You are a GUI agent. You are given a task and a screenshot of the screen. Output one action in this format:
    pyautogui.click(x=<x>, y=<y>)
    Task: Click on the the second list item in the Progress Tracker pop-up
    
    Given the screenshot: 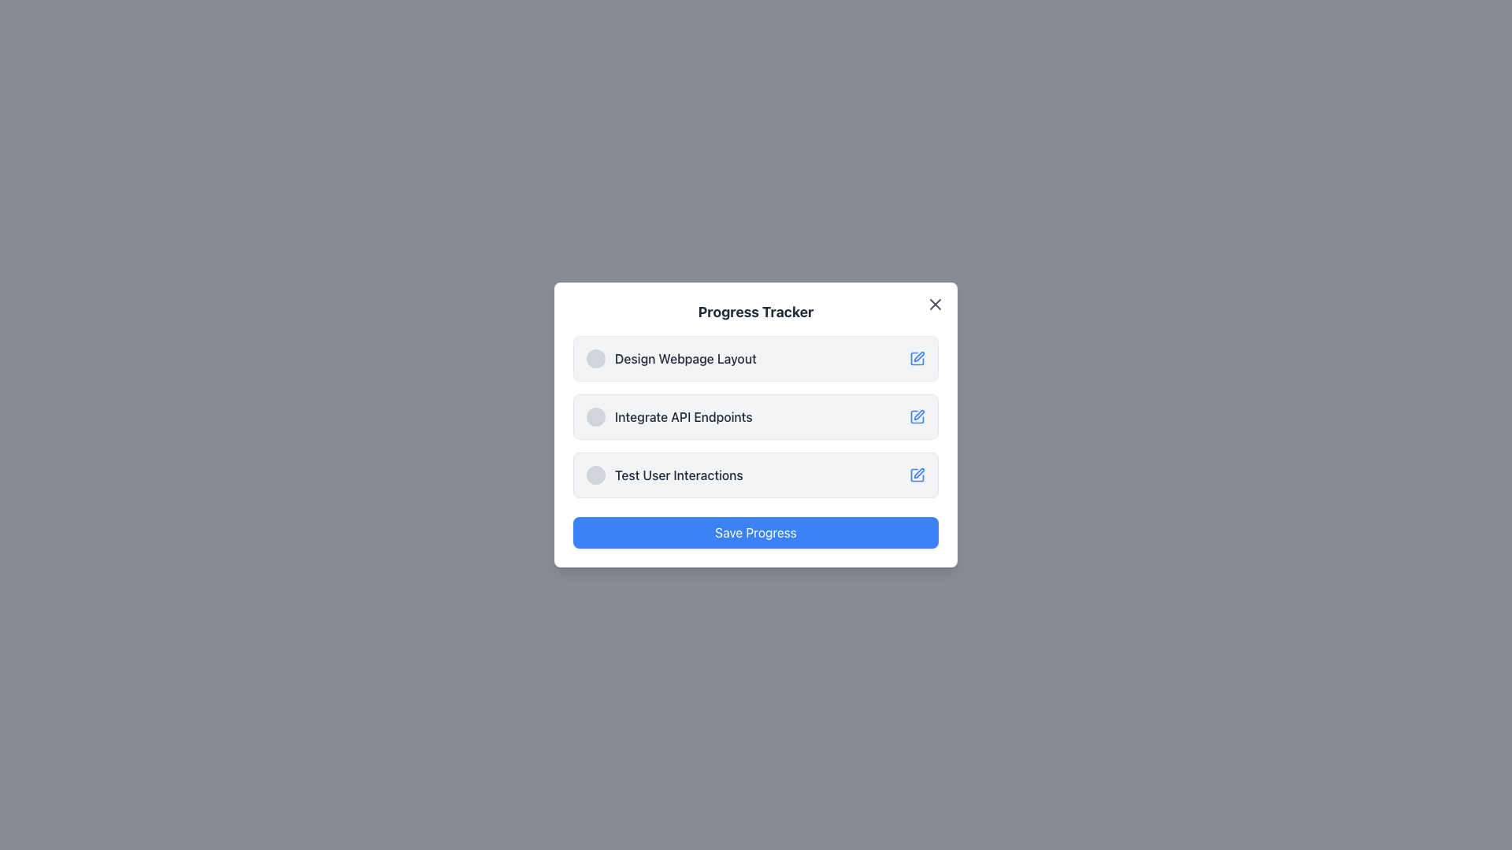 What is the action you would take?
    pyautogui.click(x=669, y=416)
    